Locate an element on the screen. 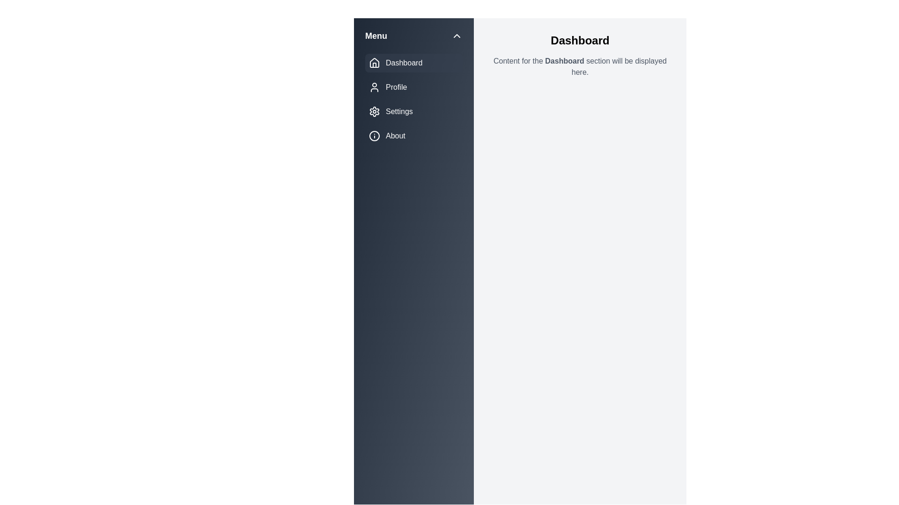  the 'About' text label, which is the last item in the sidebar menu is located at coordinates (395, 136).